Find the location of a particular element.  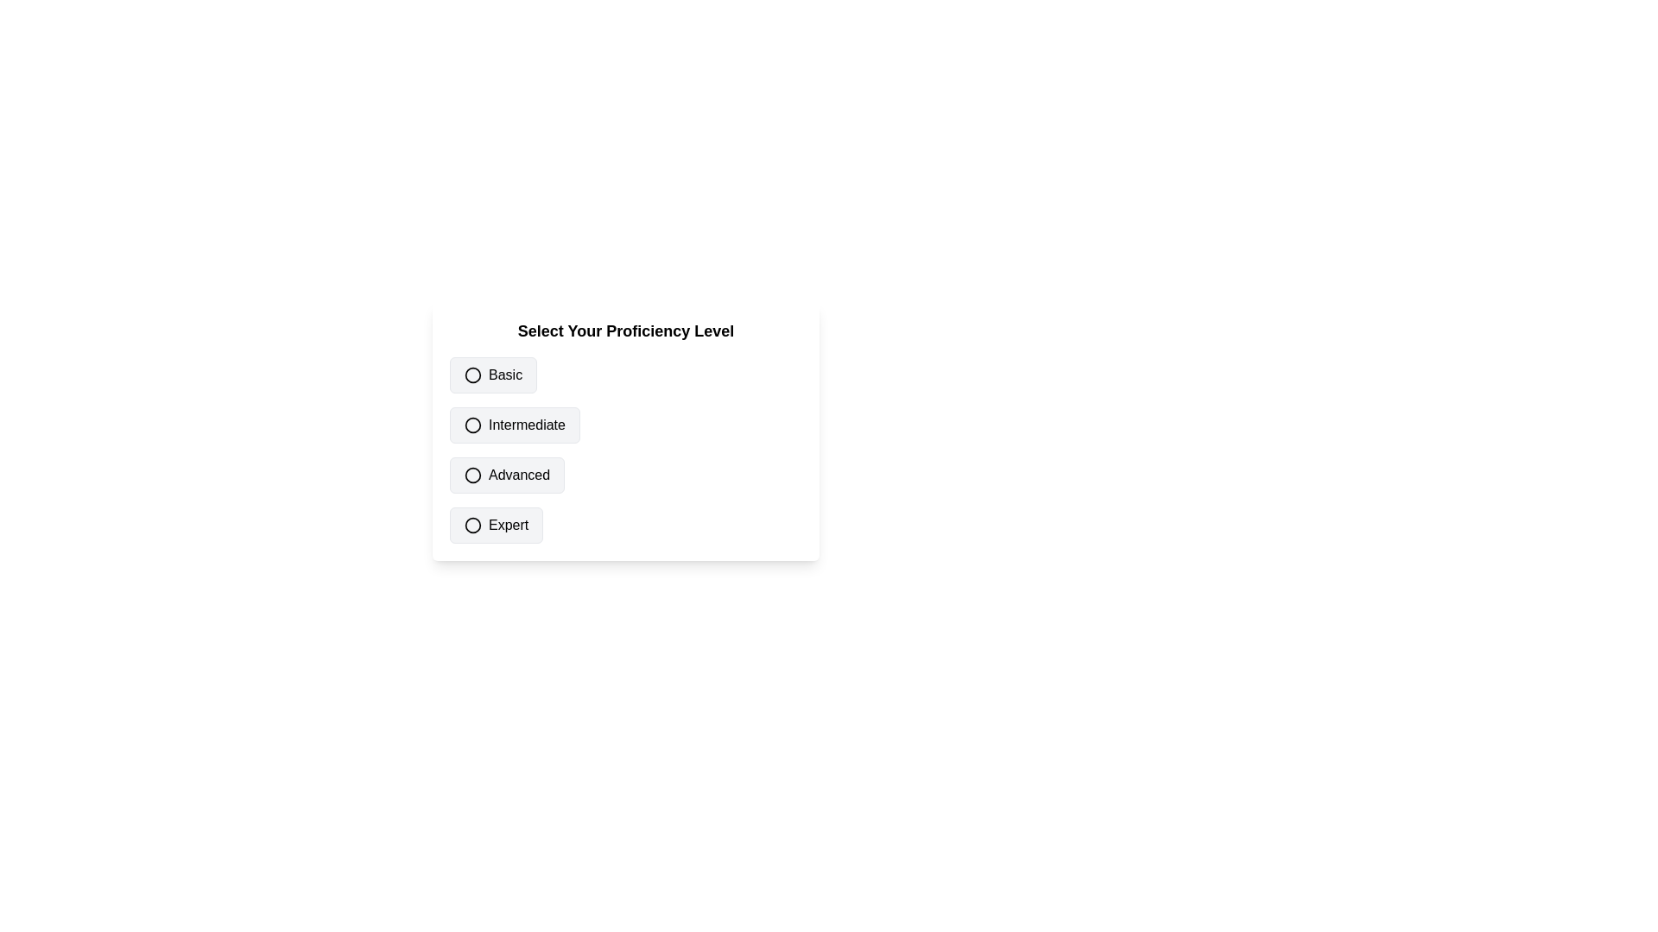

the label indicating the proficiency level option marked as 'Advanced', which is positioned to the right of the corresponding circular selection icon in the third option of a vertical list is located at coordinates (518, 475).